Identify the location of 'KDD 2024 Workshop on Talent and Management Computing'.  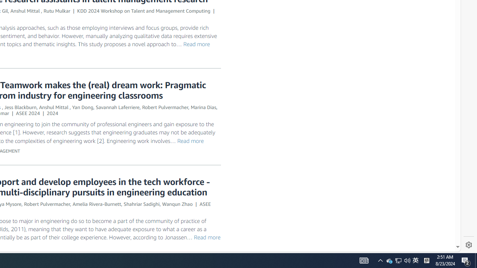
(143, 11).